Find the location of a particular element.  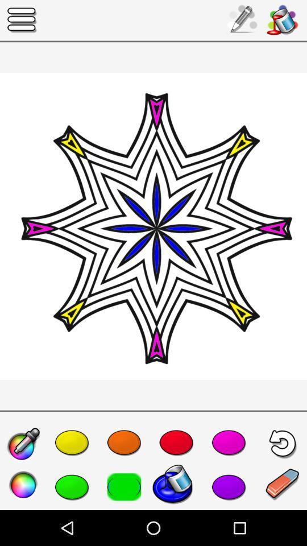

the edit icon is located at coordinates (23, 445).